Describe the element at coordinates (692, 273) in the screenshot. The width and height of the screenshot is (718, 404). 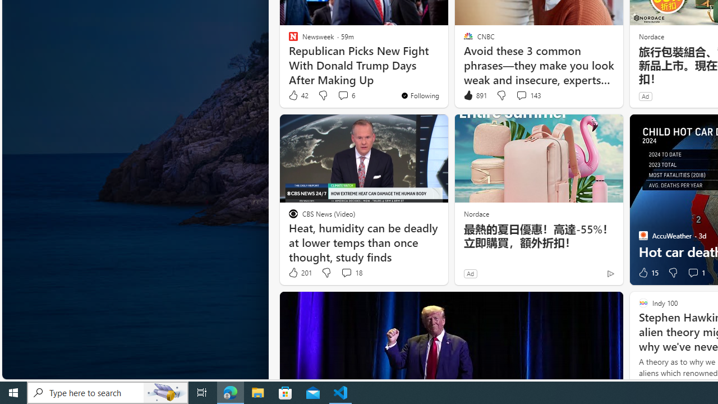
I see `'View comments 1 Comment'` at that location.